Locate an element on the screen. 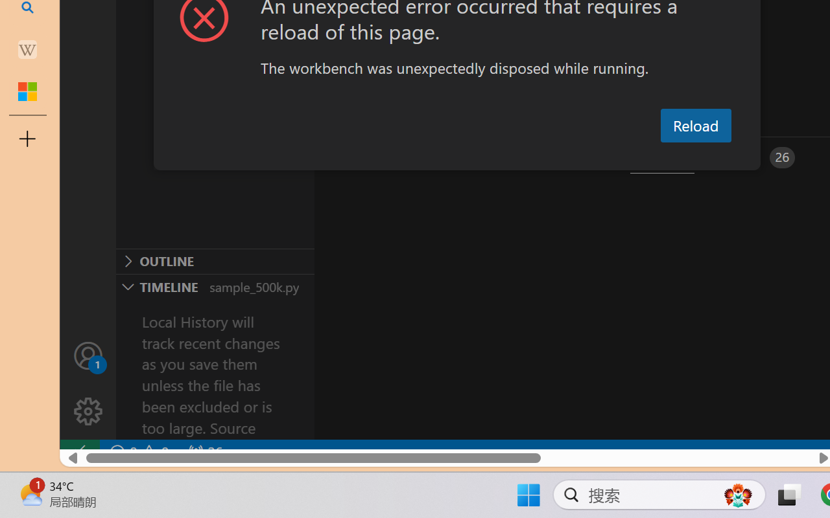 The width and height of the screenshot is (830, 518). 'Ports - 26 forwarded ports' is located at coordinates (755, 157).